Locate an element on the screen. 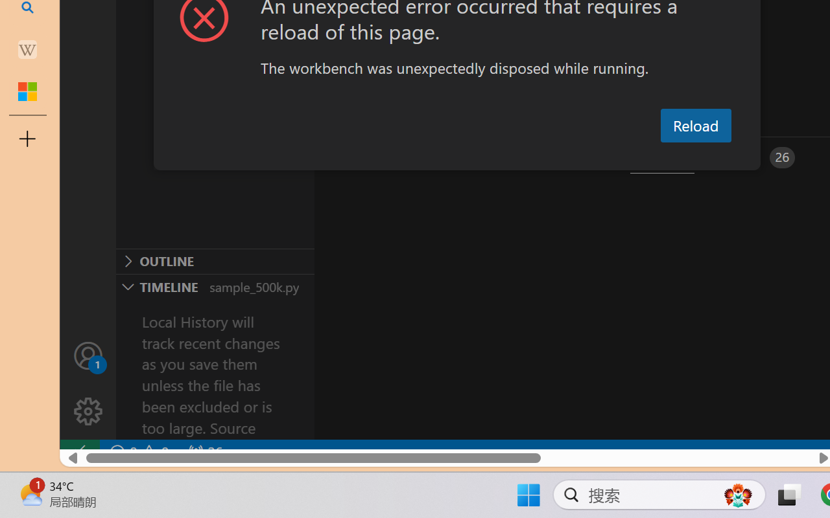 The width and height of the screenshot is (830, 518). 'Ports - 26 forwarded ports' is located at coordinates (755, 157).